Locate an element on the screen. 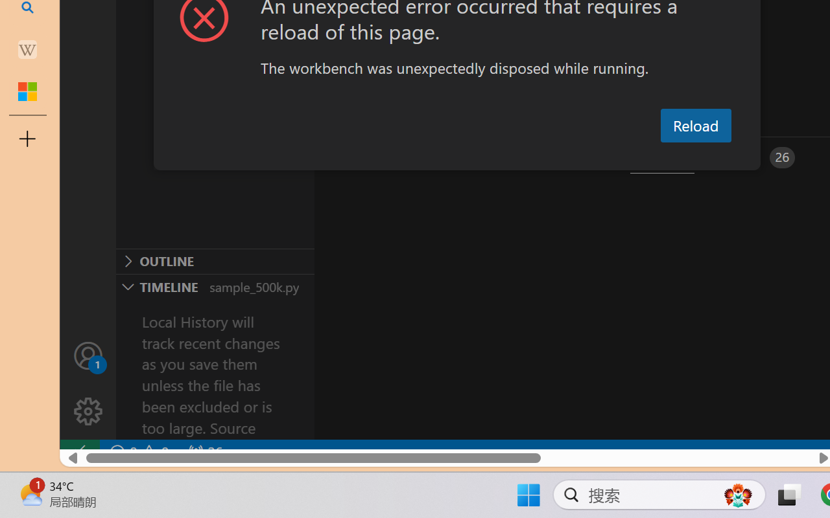 The width and height of the screenshot is (830, 518). 'Ports - 26 forwarded ports' is located at coordinates (755, 157).